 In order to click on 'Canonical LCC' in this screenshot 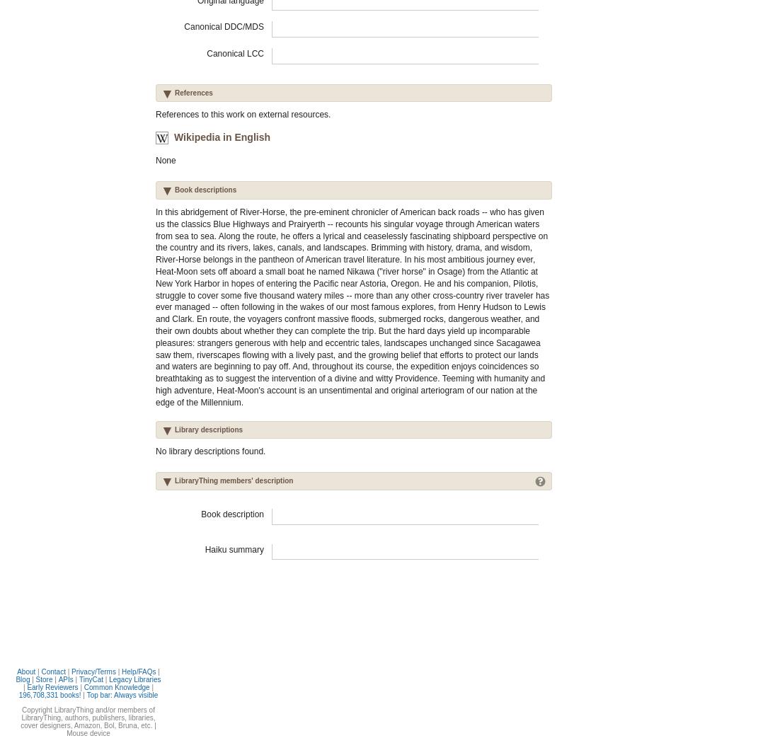, I will do `click(234, 52)`.